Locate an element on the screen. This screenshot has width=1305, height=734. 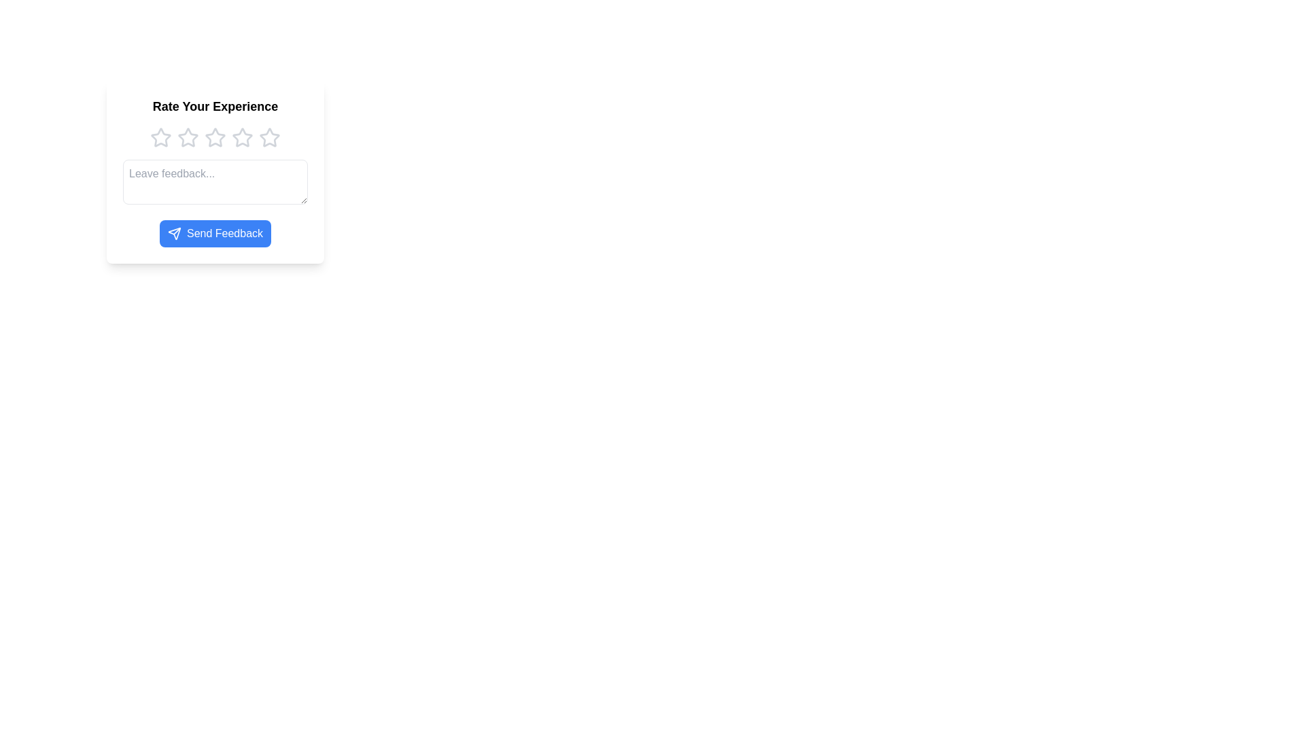
the fifth hollow gray star icon in the 'Rate Your Experience' section, which enlarges slightly upon hovering is located at coordinates (270, 138).